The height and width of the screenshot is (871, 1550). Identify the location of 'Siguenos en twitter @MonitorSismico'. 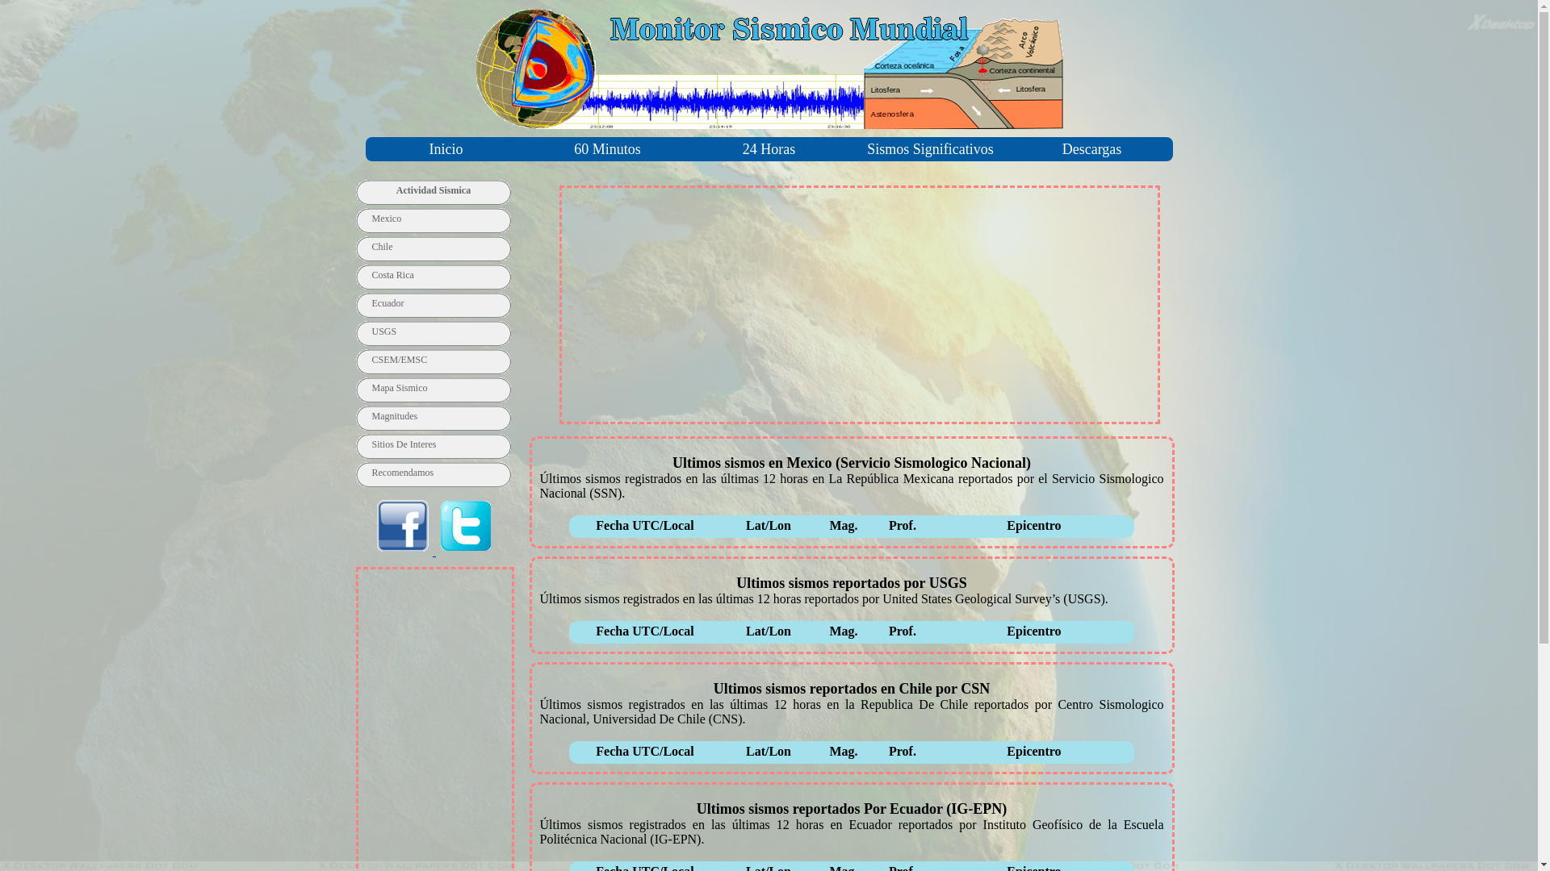
(435, 550).